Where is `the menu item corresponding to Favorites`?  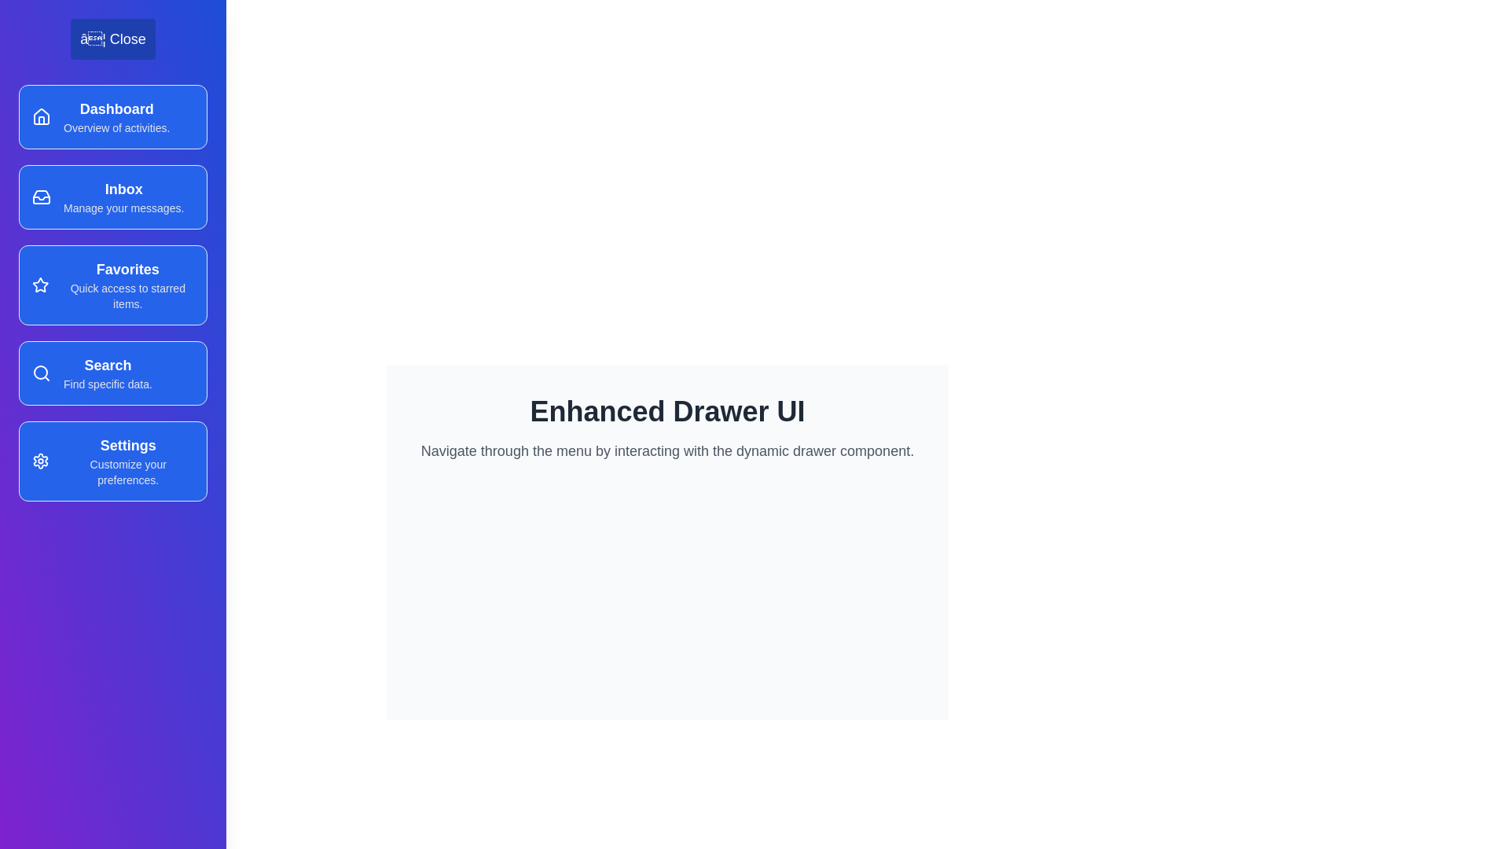
the menu item corresponding to Favorites is located at coordinates (112, 285).